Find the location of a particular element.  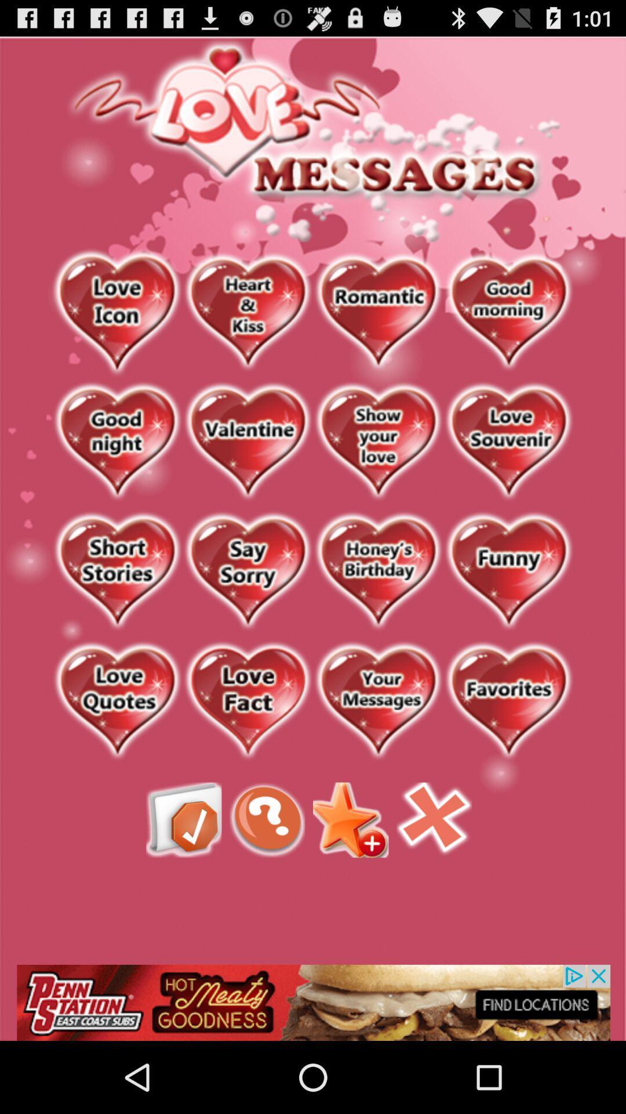

correct is located at coordinates (183, 819).